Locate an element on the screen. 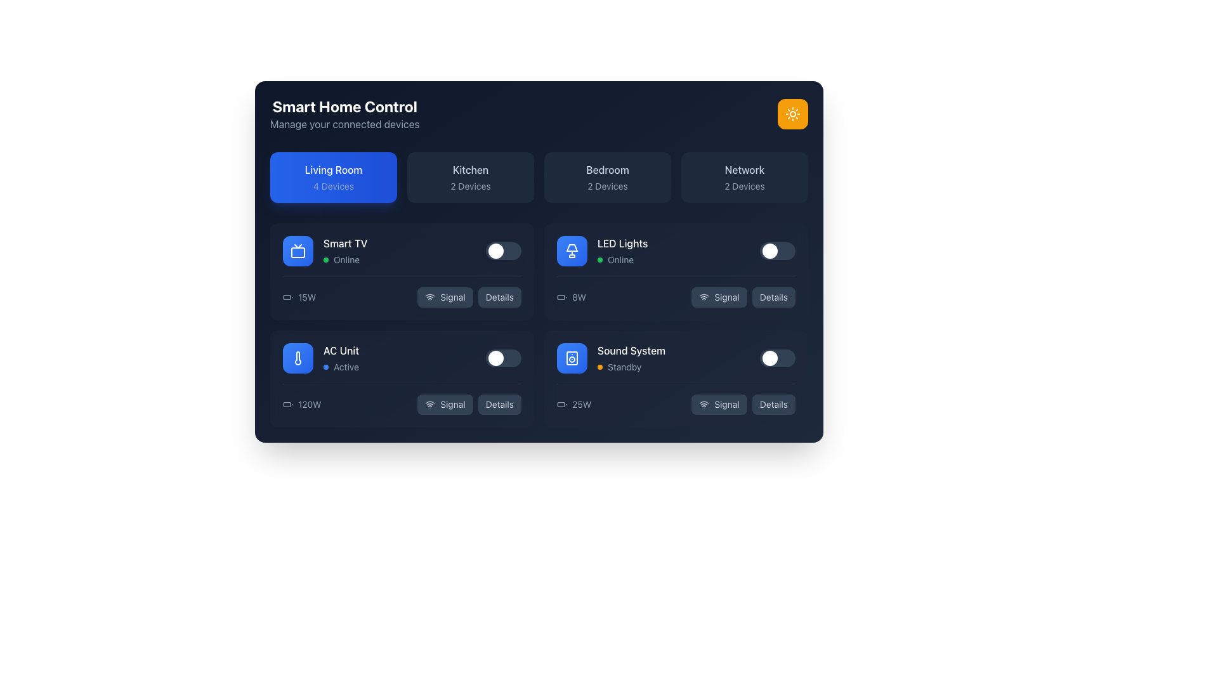  the label displaying 'AC Unit' with the status 'Active' and a blue circular indicator, located in the bottom-left section of the 'Living Room' panel is located at coordinates (341, 358).